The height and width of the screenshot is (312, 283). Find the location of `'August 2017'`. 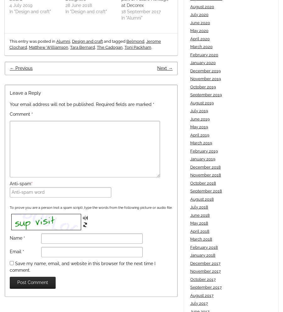

'August 2017' is located at coordinates (202, 295).